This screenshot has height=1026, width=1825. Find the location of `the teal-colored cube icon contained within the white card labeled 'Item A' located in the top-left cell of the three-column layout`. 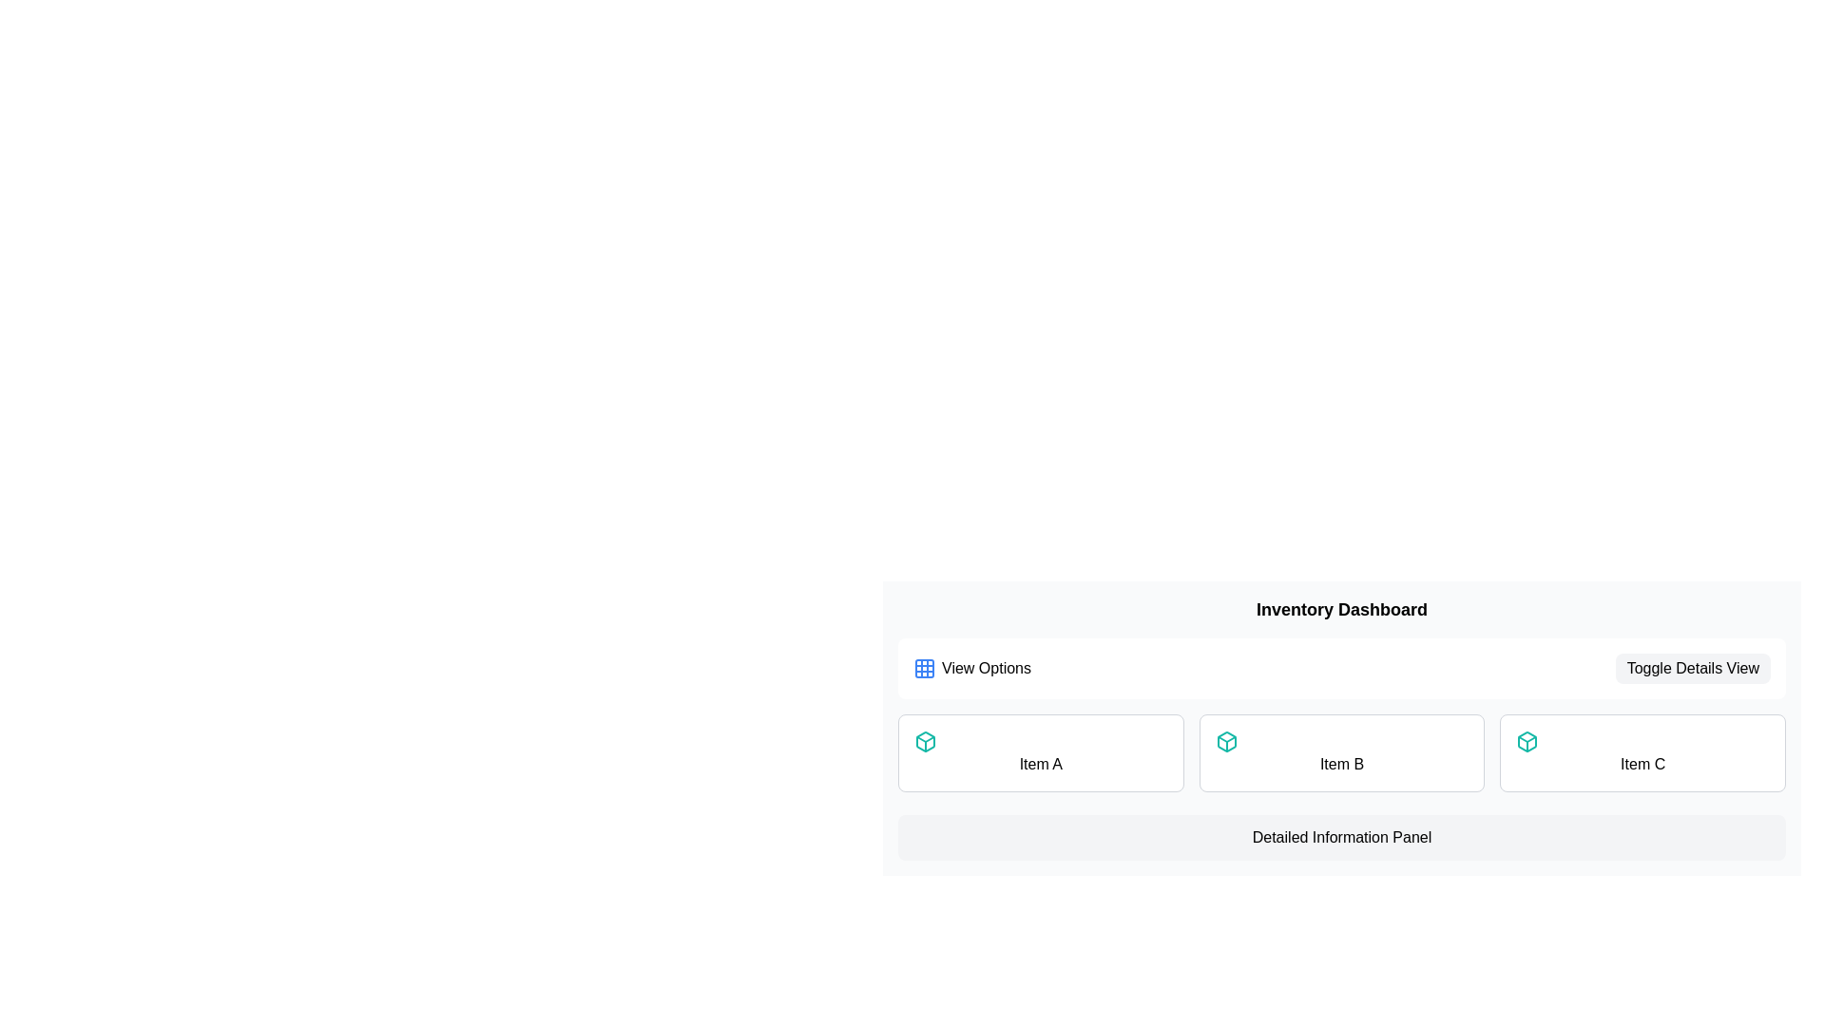

the teal-colored cube icon contained within the white card labeled 'Item A' located in the top-left cell of the three-column layout is located at coordinates (926, 740).